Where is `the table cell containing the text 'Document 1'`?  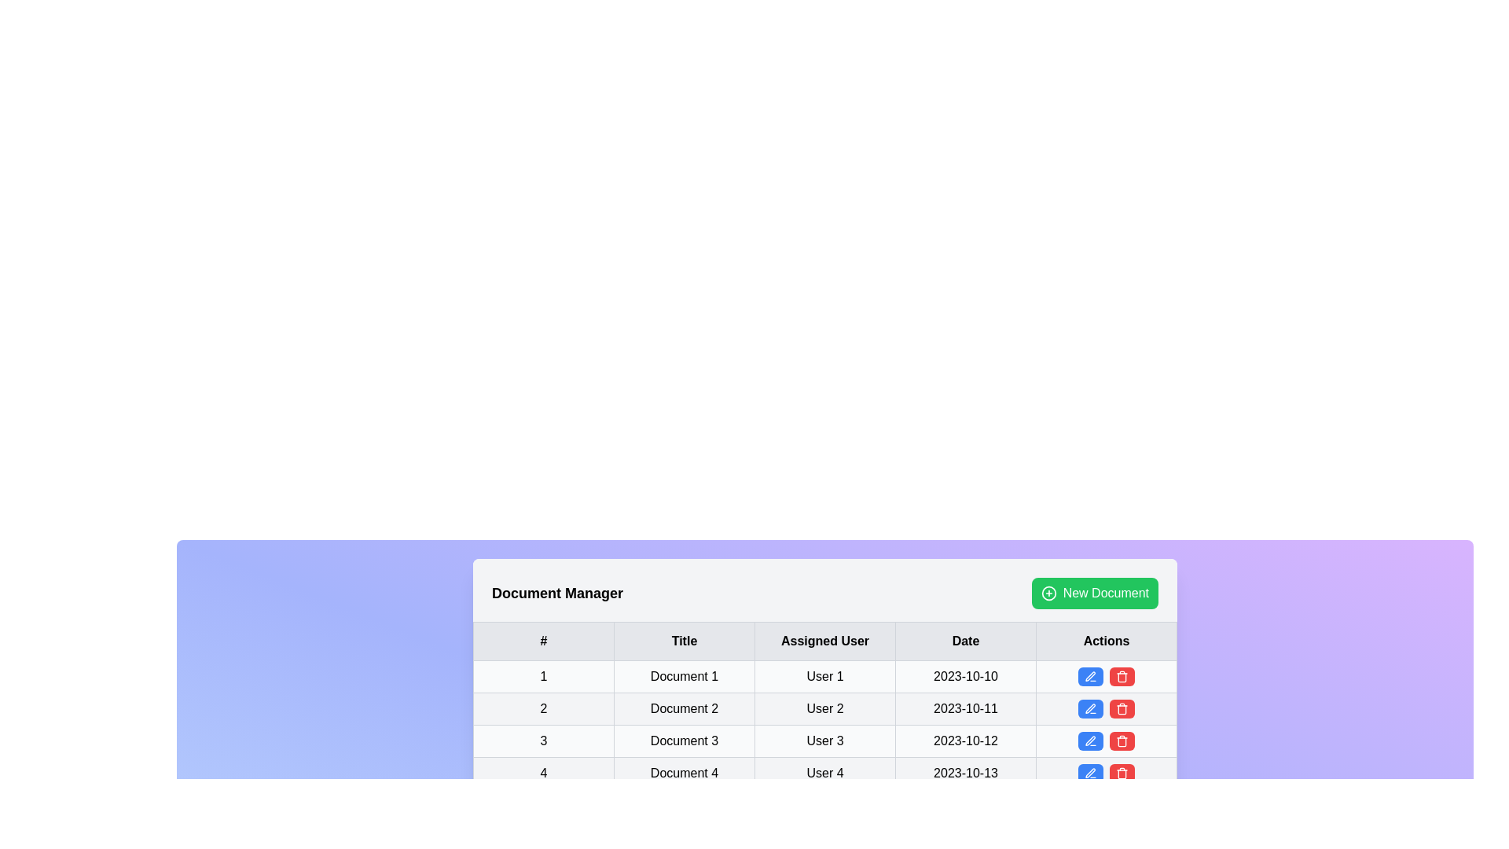 the table cell containing the text 'Document 1' is located at coordinates (684, 675).